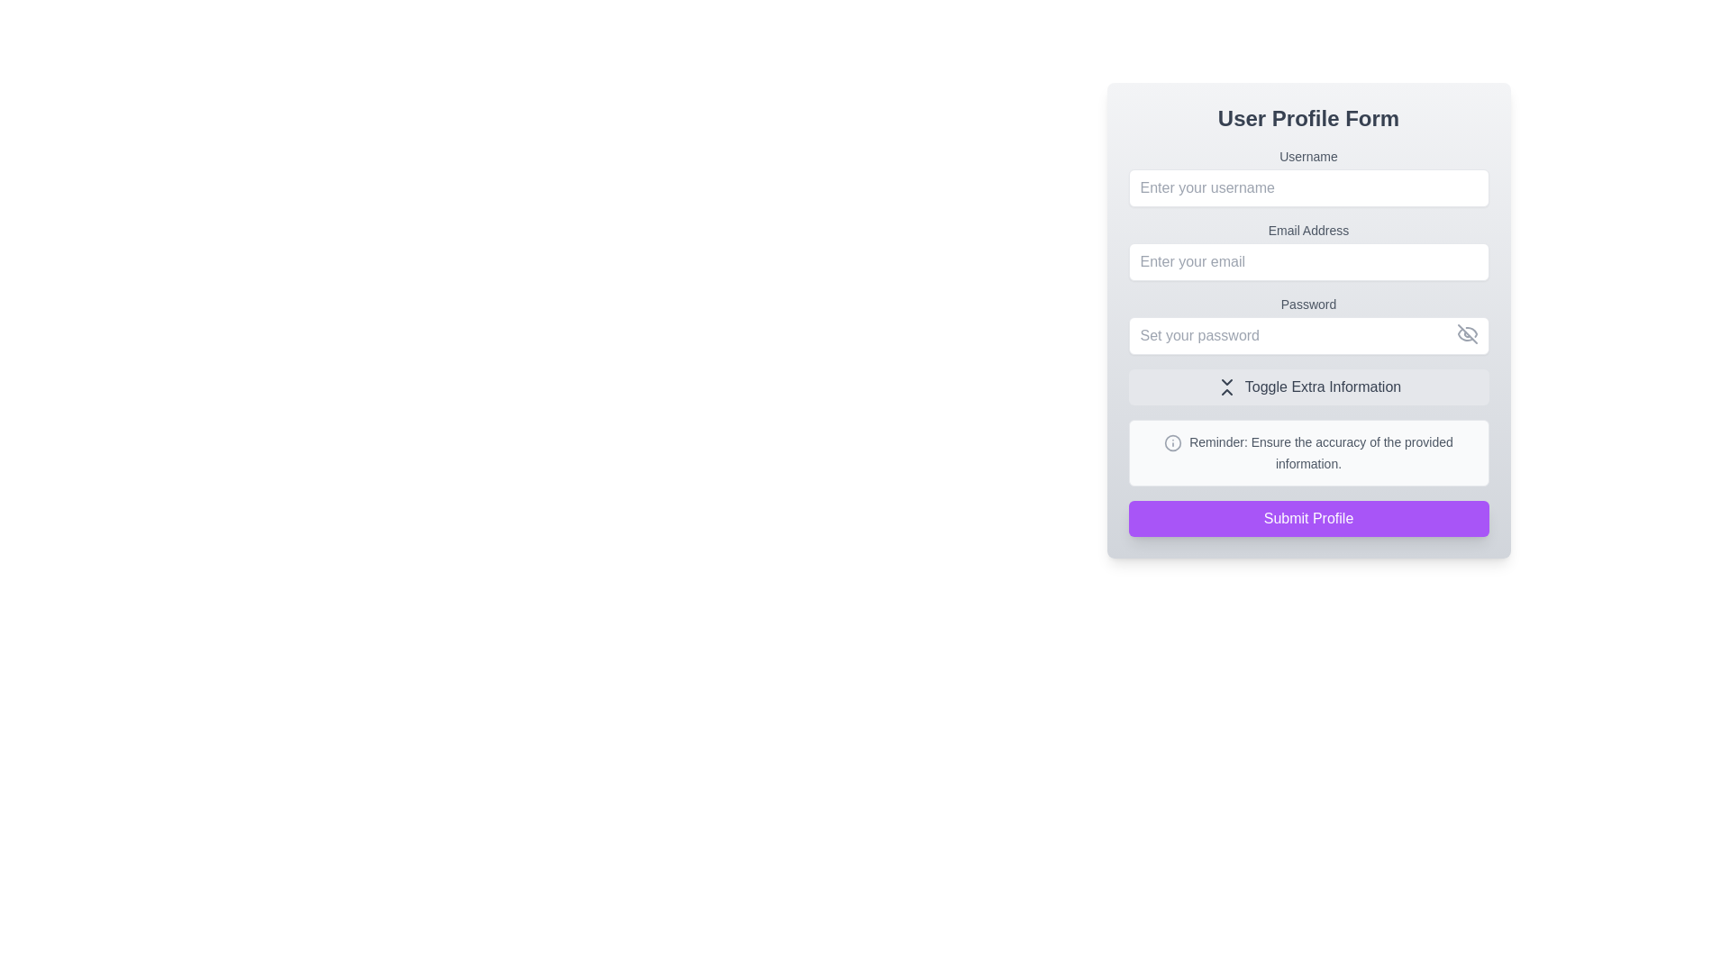  I want to click on the visibility toggle button located on the right side of the 'Set your password' input field, so click(1467, 333).